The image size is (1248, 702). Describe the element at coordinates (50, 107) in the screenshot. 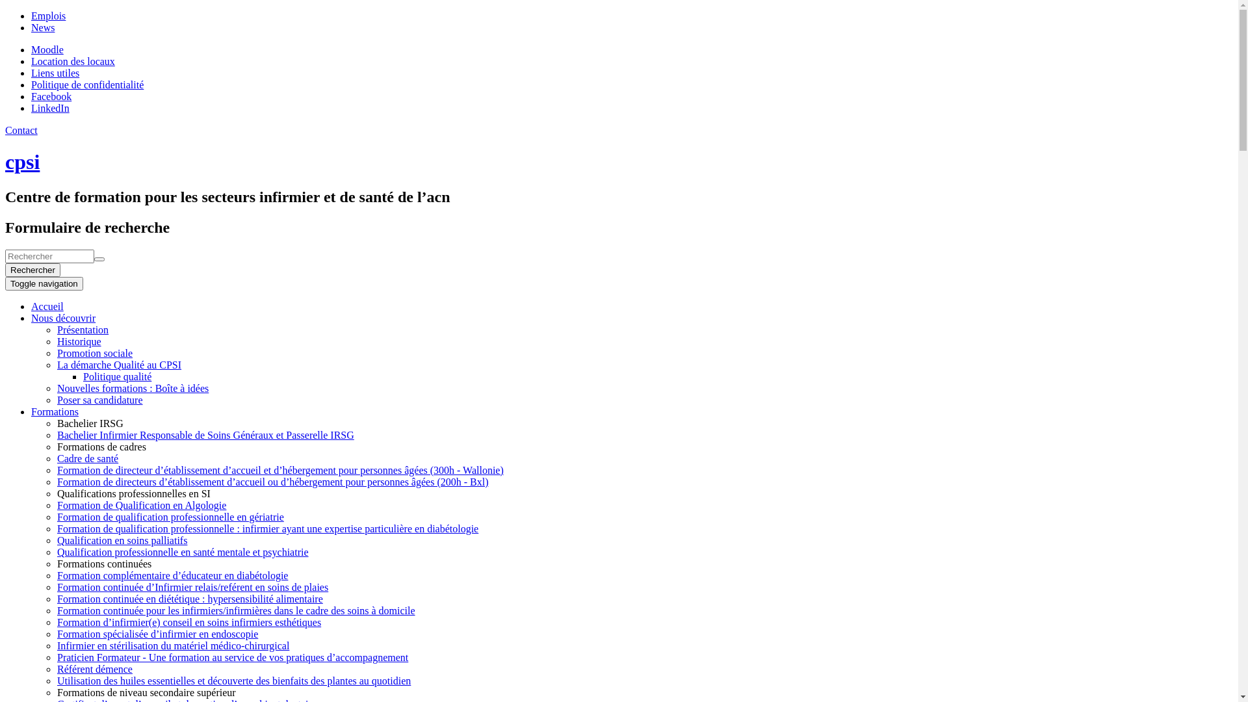

I see `'LinkedIn'` at that location.